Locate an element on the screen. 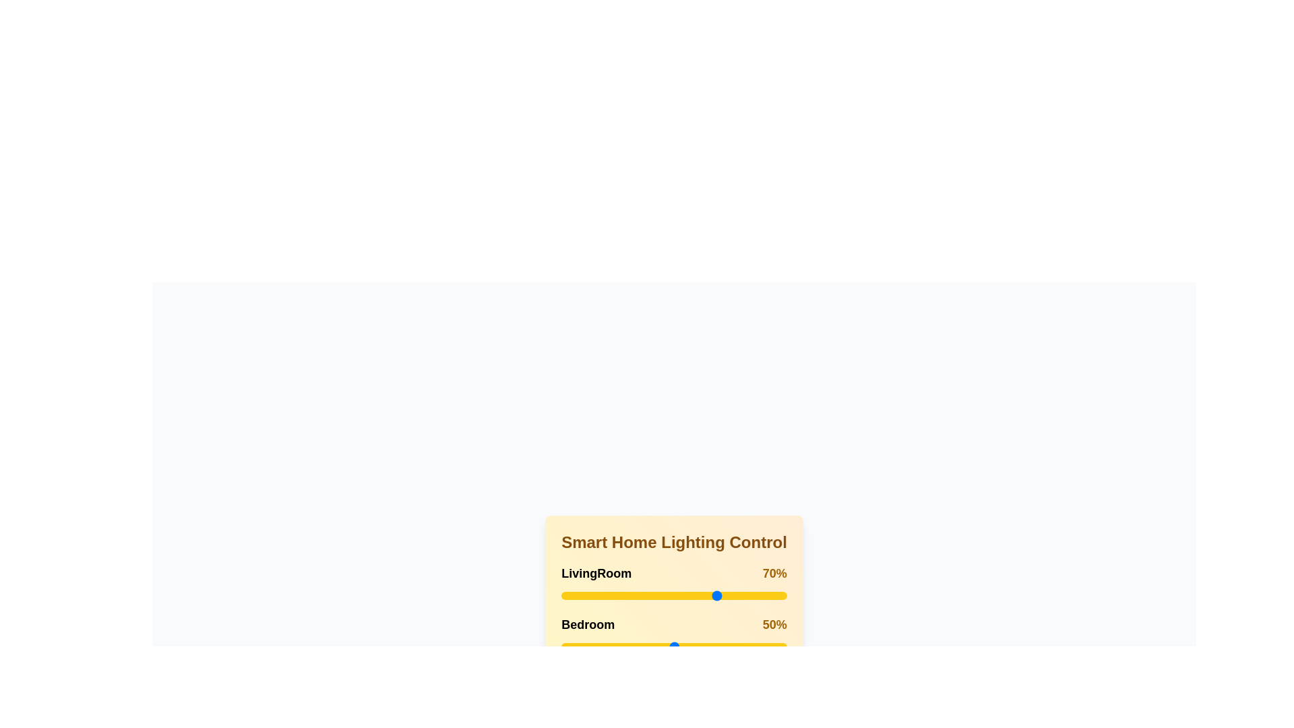 Image resolution: width=1294 pixels, height=728 pixels. the lighting control value is located at coordinates (572, 595).